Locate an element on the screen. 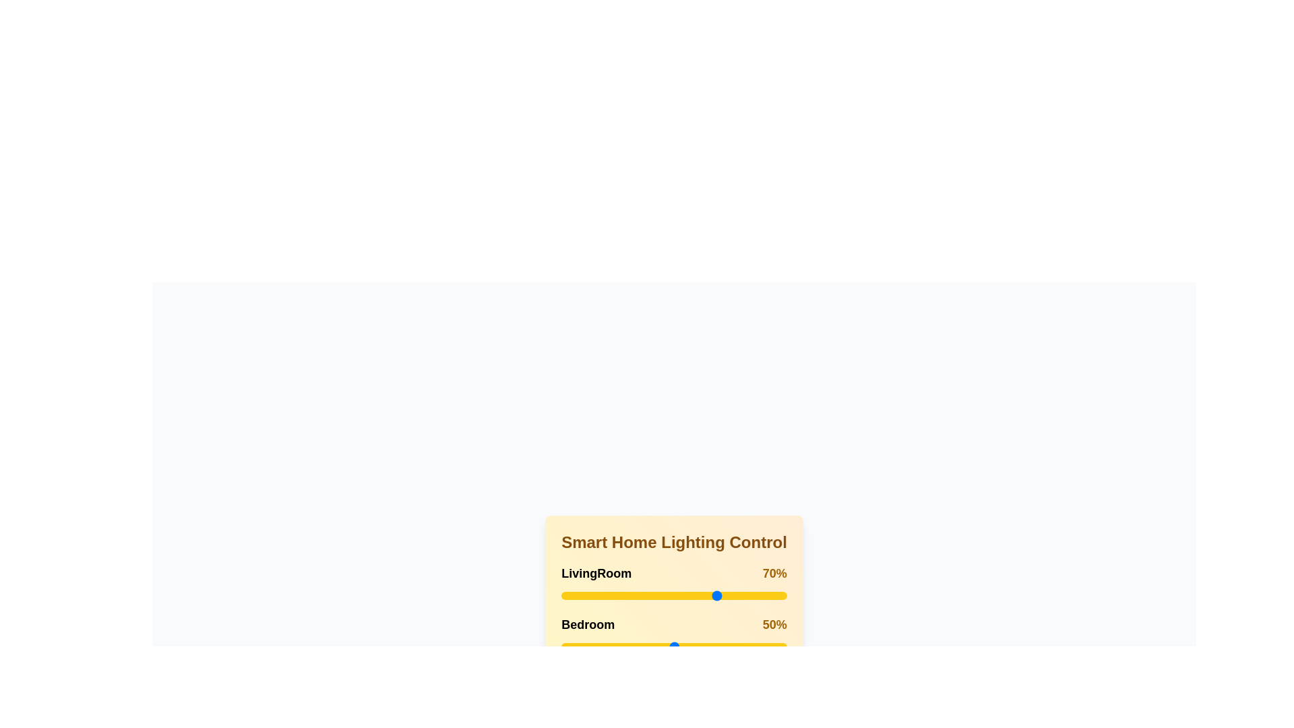 Image resolution: width=1294 pixels, height=728 pixels. the lighting control value is located at coordinates (572, 595).